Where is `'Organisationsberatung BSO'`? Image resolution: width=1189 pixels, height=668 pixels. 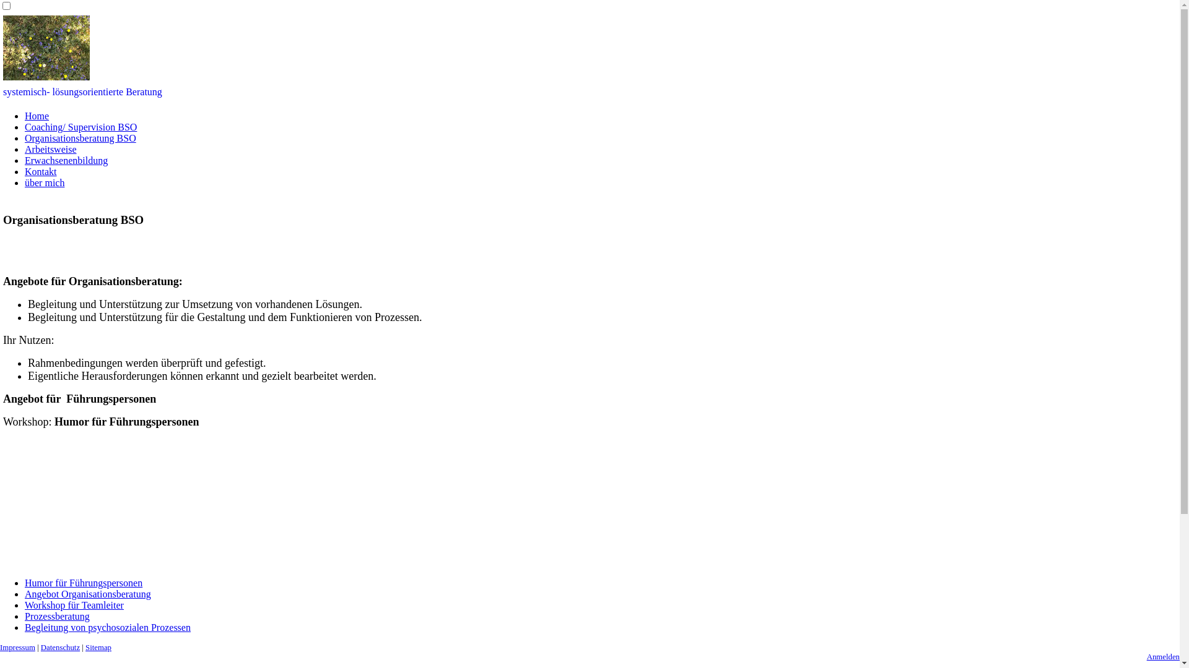 'Organisationsberatung BSO' is located at coordinates (79, 138).